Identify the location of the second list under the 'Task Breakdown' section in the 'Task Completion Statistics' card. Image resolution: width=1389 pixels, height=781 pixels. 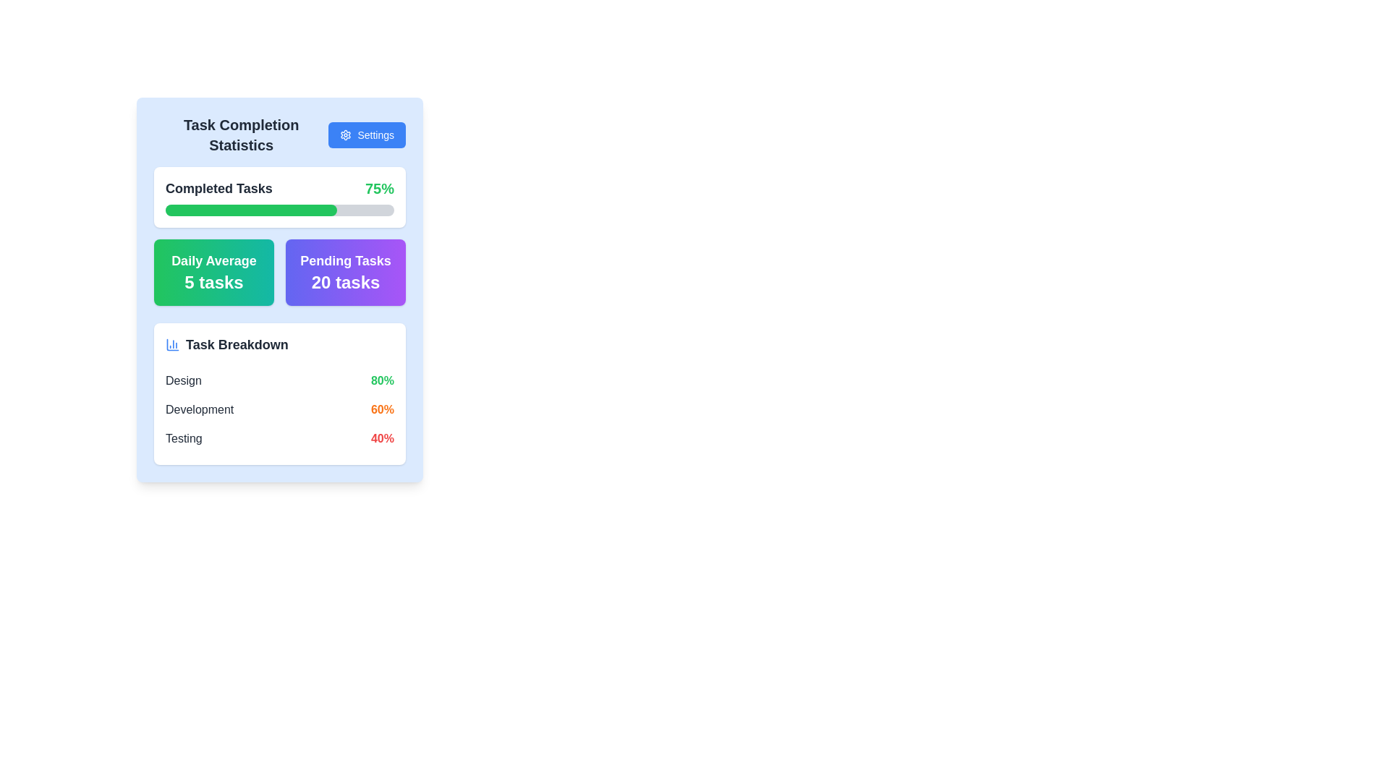
(280, 410).